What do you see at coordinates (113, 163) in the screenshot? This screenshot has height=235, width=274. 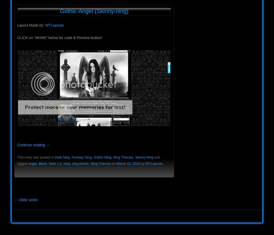 I see `'on'` at bounding box center [113, 163].